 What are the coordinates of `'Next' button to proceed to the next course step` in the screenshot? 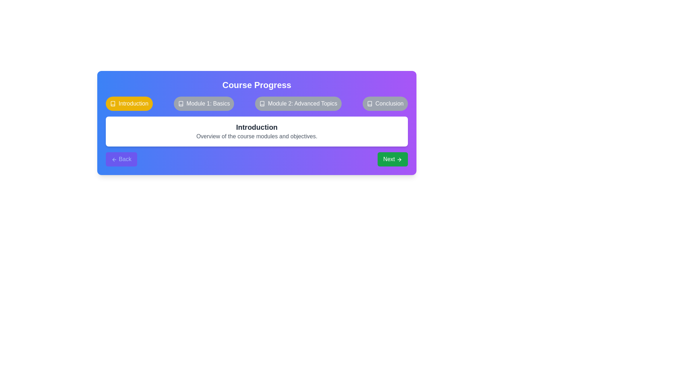 It's located at (392, 159).